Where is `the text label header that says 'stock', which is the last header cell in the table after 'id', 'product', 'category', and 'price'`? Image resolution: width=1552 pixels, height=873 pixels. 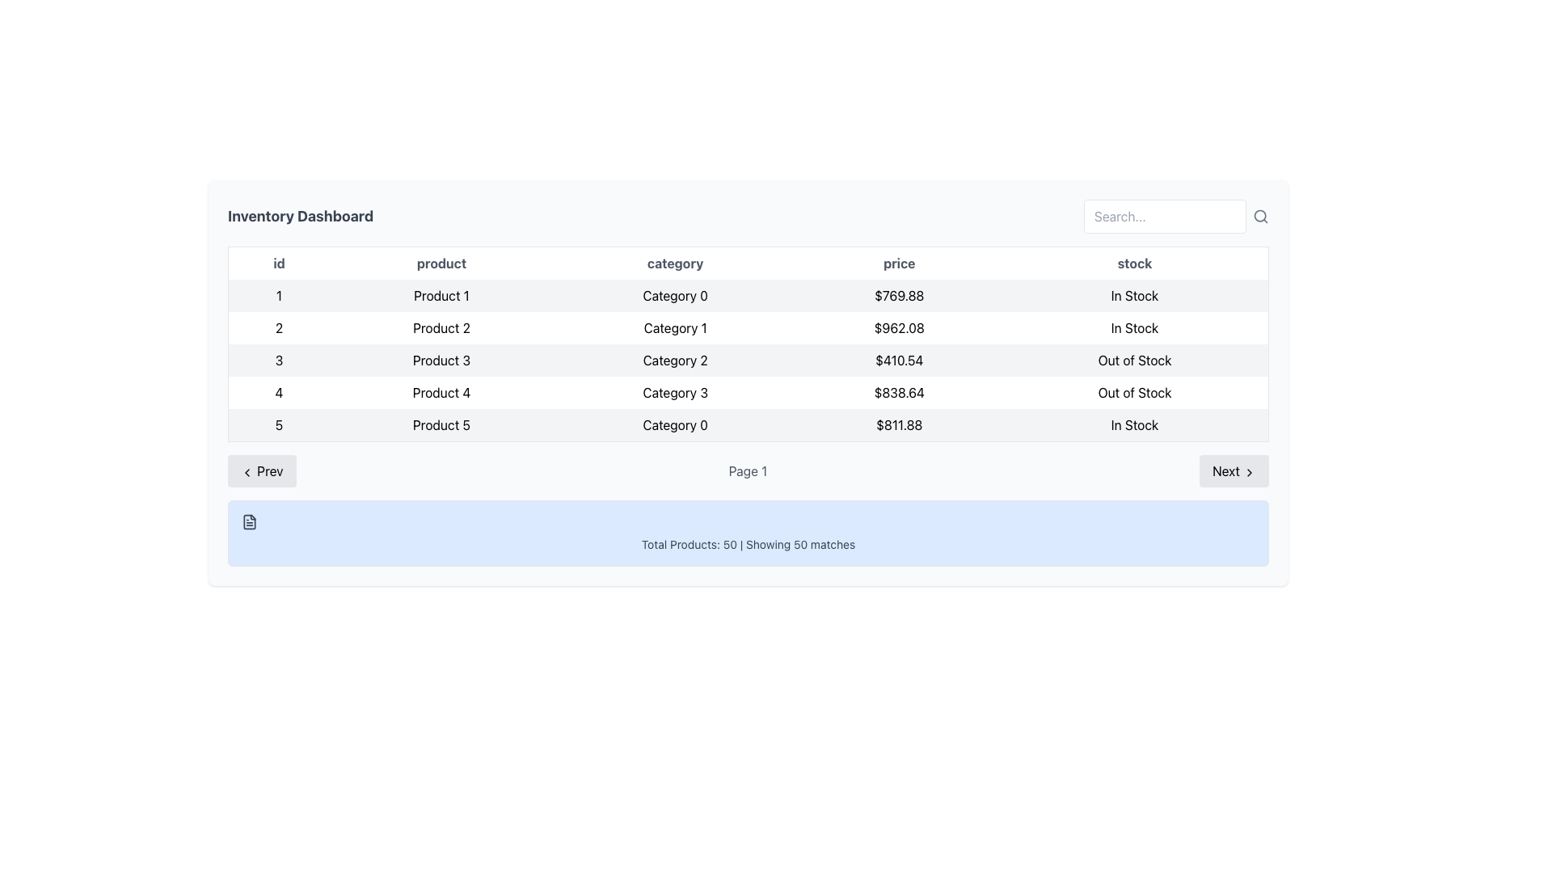
the text label header that says 'stock', which is the last header cell in the table after 'id', 'product', 'category', and 'price' is located at coordinates (1134, 262).